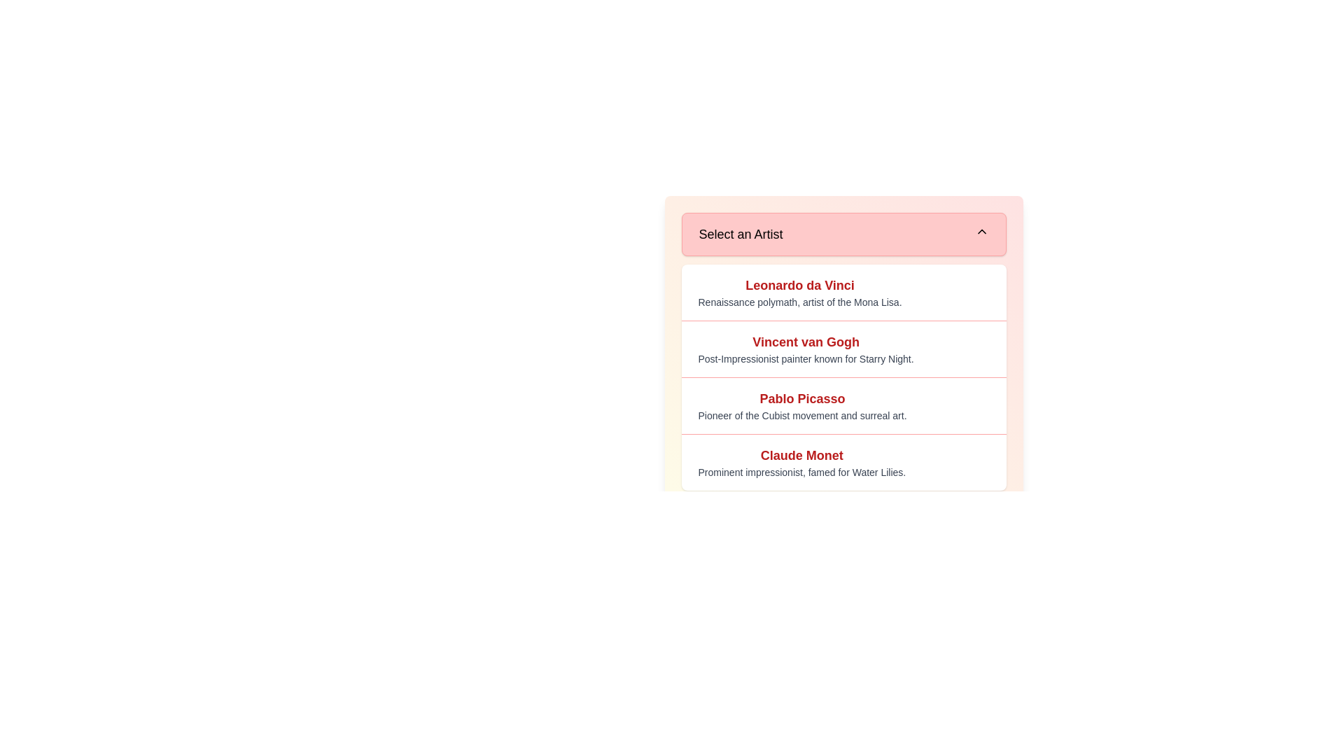 This screenshot has width=1344, height=756. Describe the element at coordinates (806, 348) in the screenshot. I see `the list item for 'Vincent van Gogh'` at that location.